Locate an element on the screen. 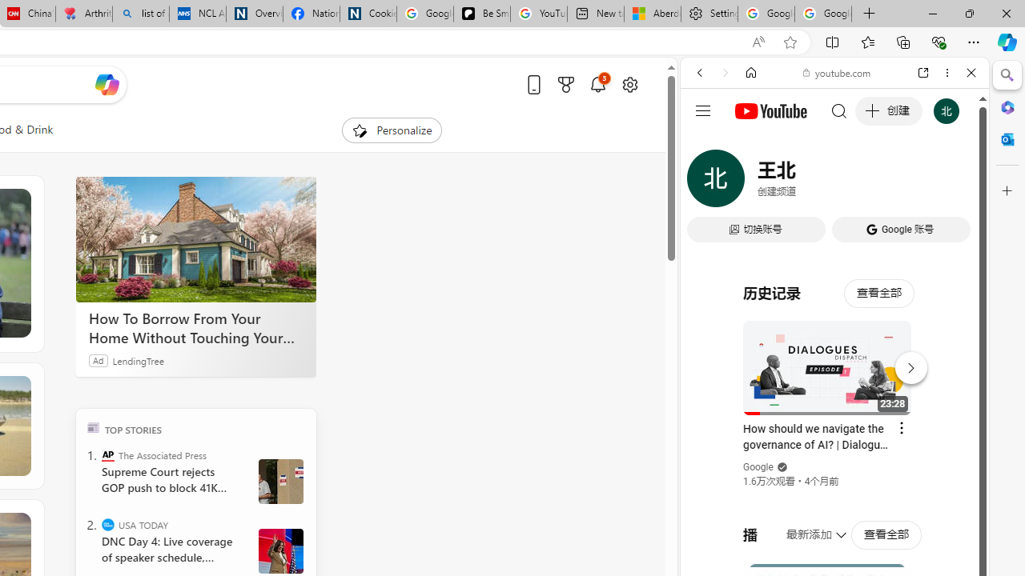 The image size is (1025, 576). 'Ad' is located at coordinates (98, 360).